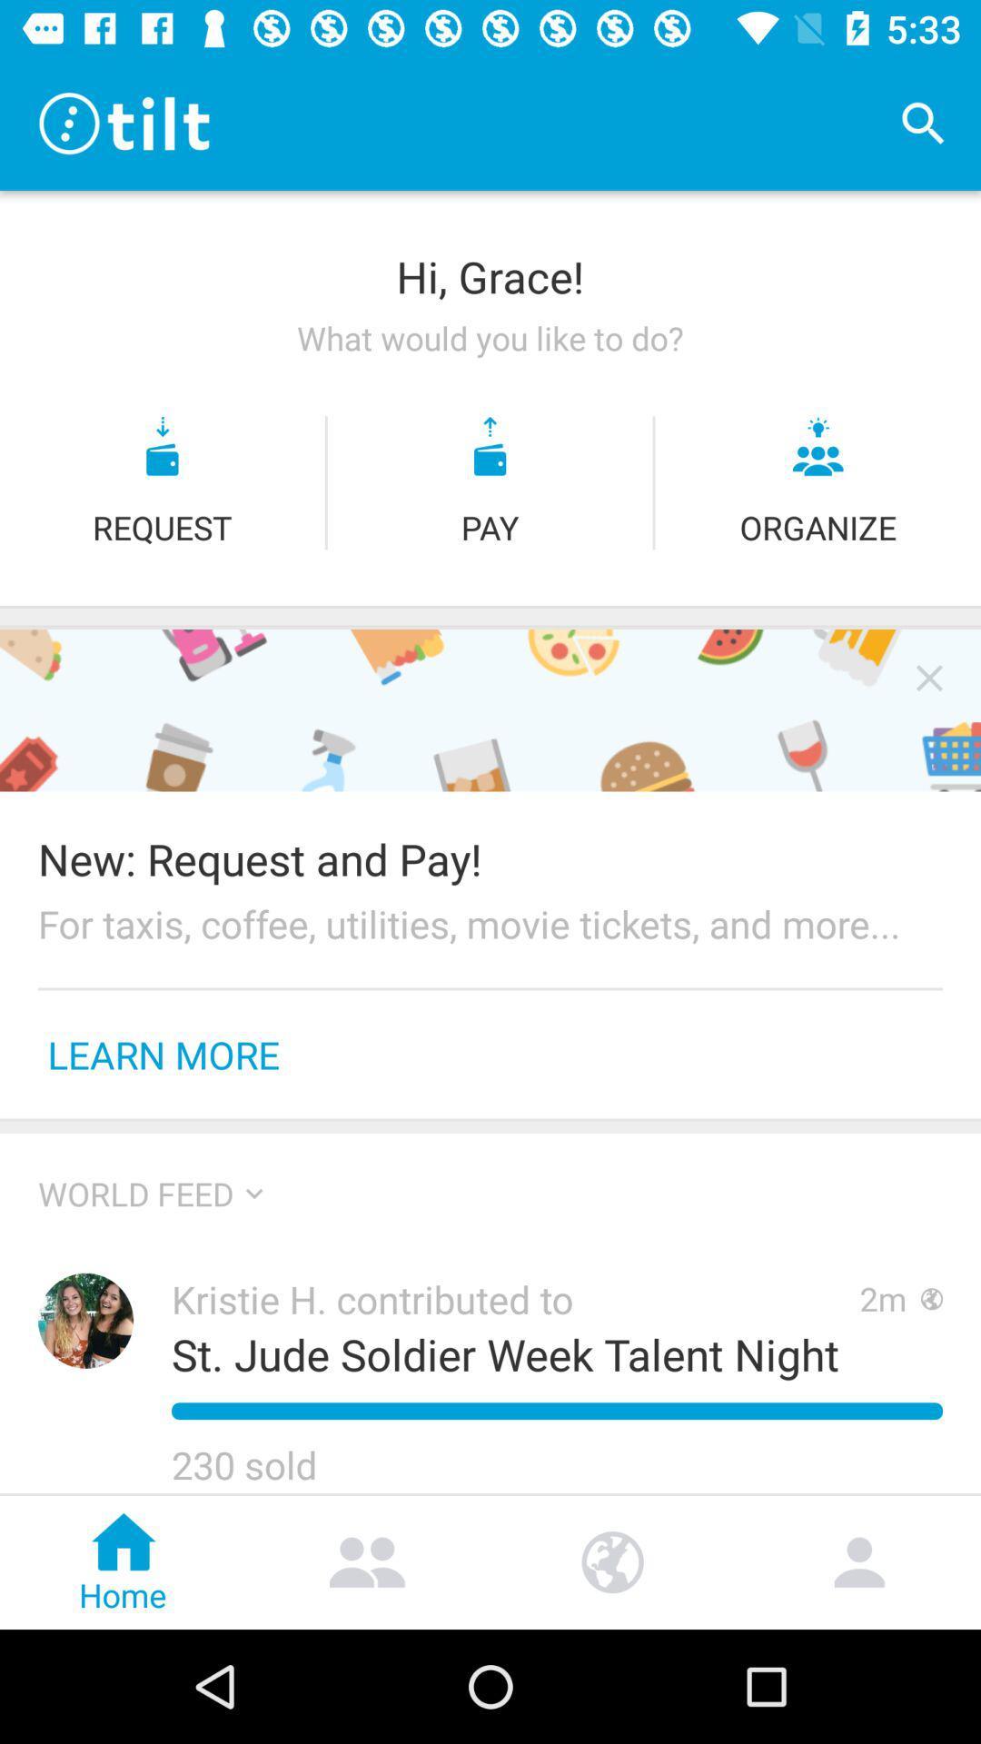  I want to click on the more icon, so click(489, 482).